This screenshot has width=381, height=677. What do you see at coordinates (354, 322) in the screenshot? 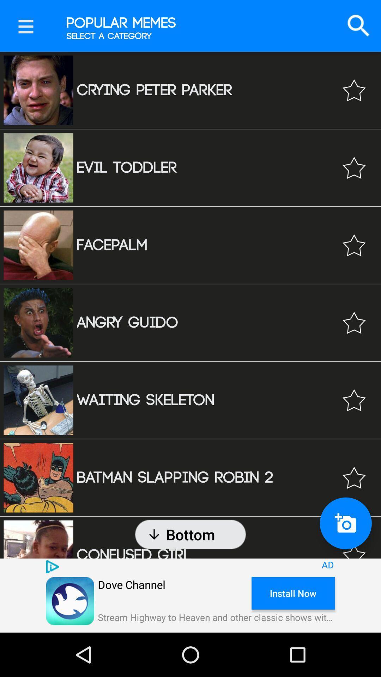
I see `mark as favorite` at bounding box center [354, 322].